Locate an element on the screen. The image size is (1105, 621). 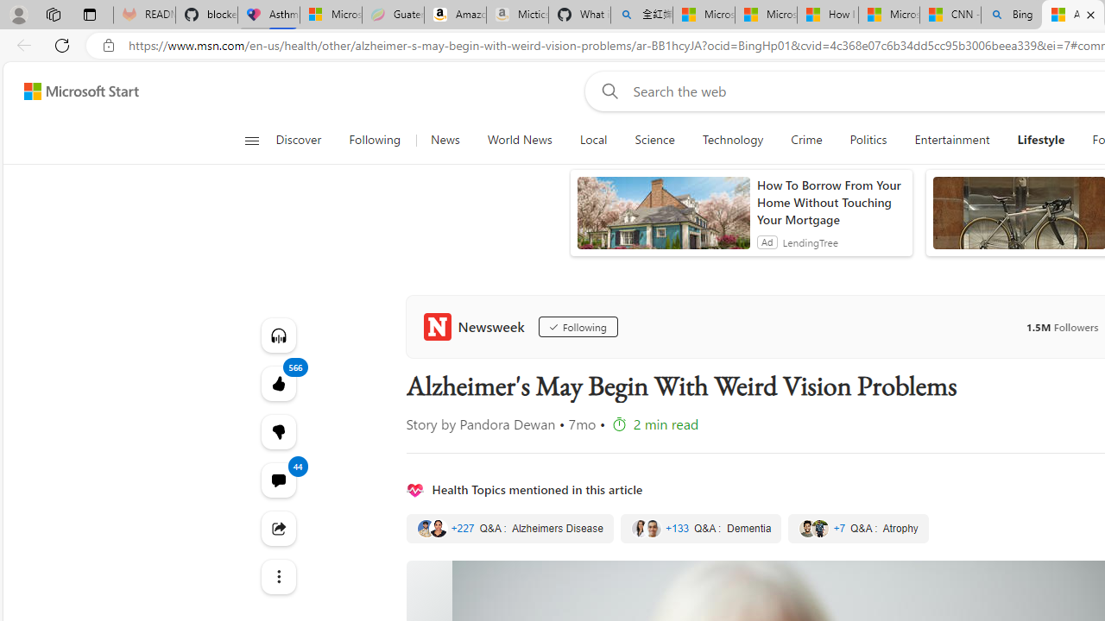
'Class: quote-thumbnail' is located at coordinates (820, 528).